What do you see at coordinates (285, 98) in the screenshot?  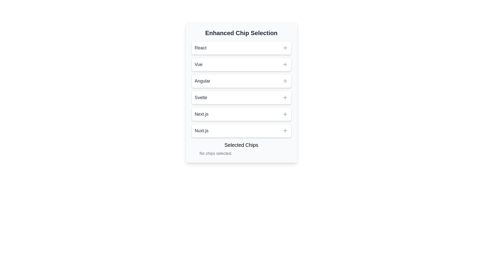 I see `the plus icon styled in a minimalistic SVG format, located within the 'Svelte' card under the 'Enhanced Chip Selection' section` at bounding box center [285, 98].